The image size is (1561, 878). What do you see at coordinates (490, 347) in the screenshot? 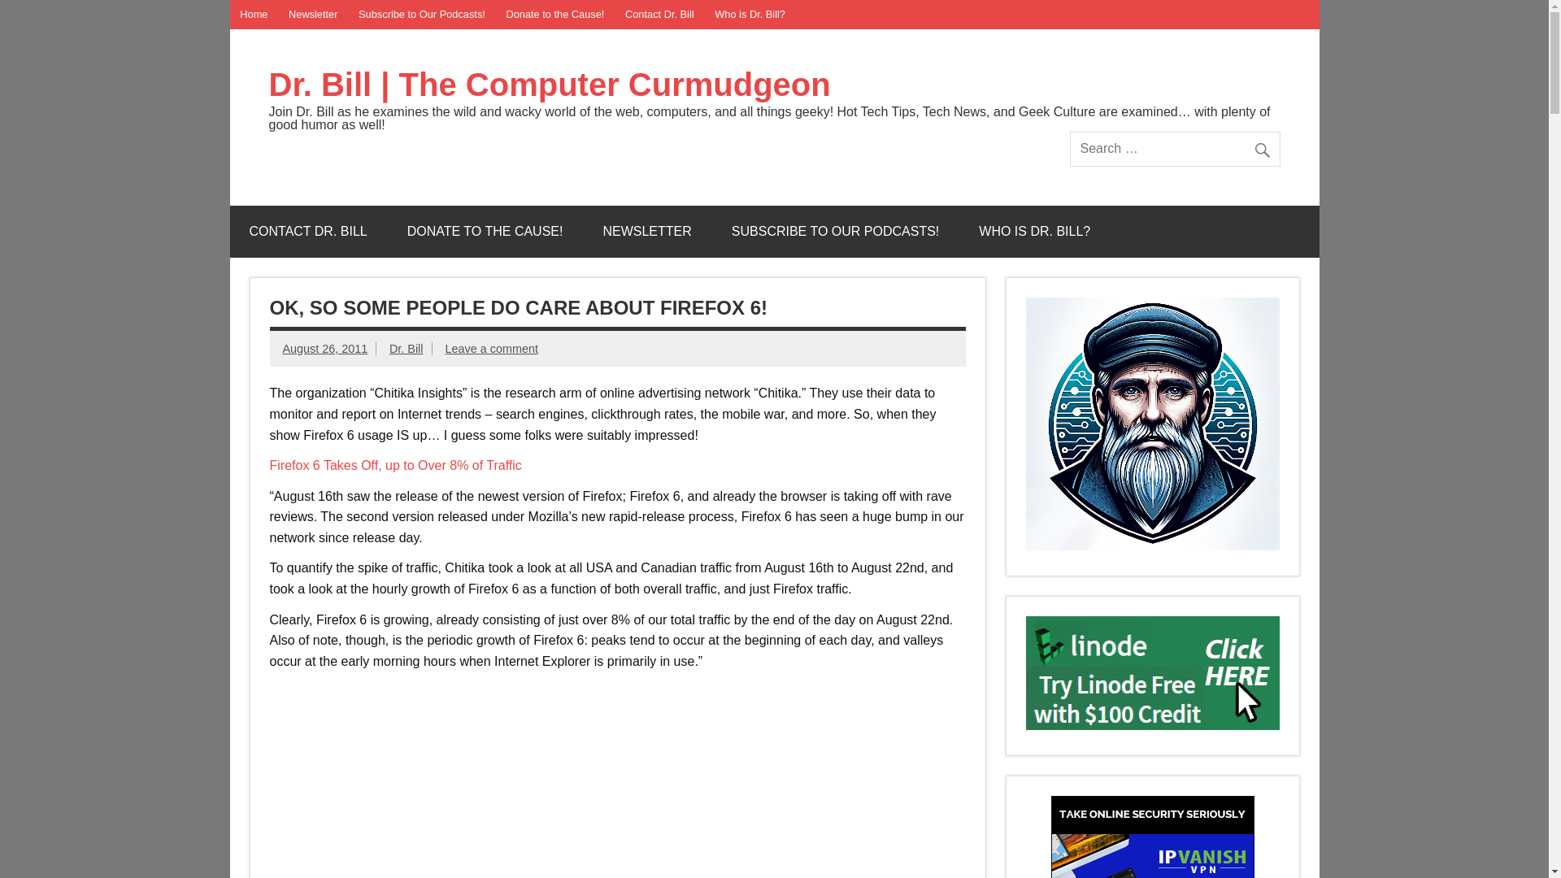
I see `'Leave a comment'` at bounding box center [490, 347].